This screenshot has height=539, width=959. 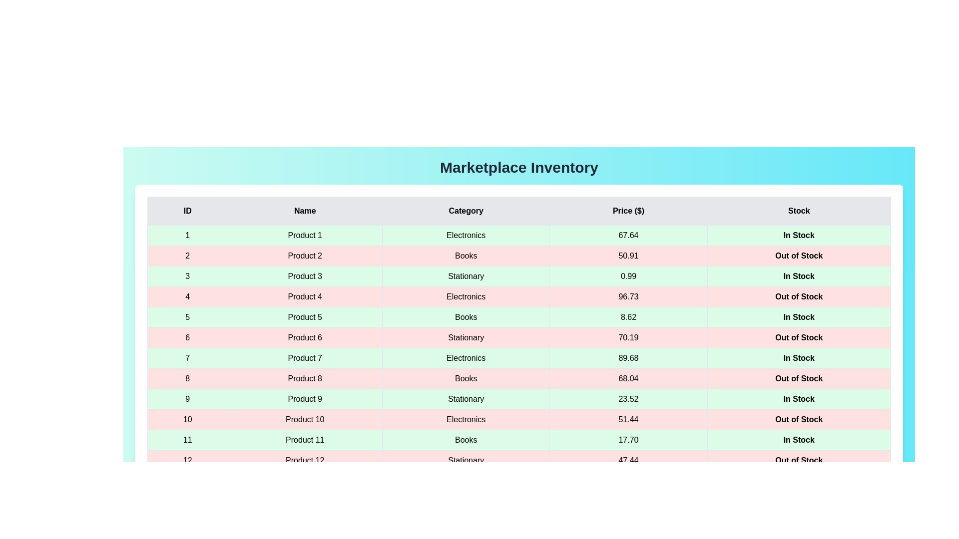 I want to click on the column header labeled 'Name' to sort the table by that column, so click(x=304, y=211).